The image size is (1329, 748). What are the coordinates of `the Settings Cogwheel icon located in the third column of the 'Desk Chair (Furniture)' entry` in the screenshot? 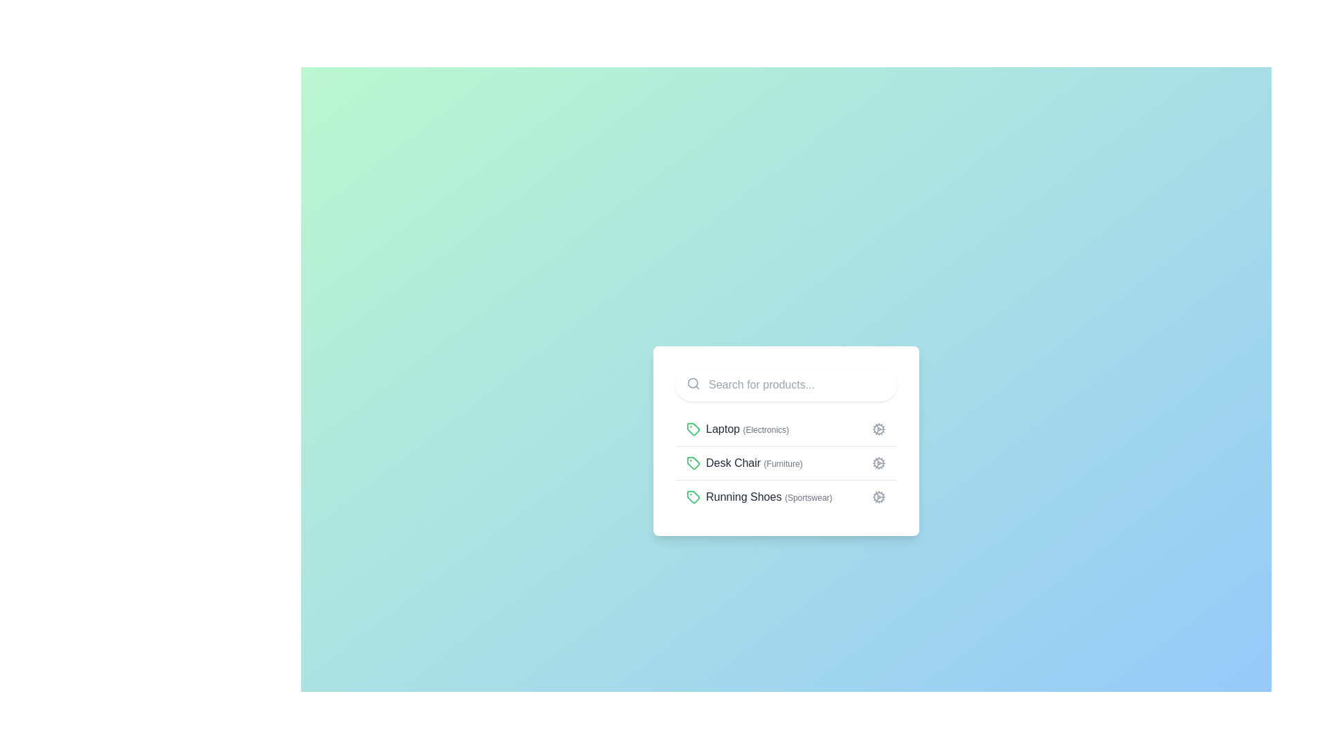 It's located at (878, 463).